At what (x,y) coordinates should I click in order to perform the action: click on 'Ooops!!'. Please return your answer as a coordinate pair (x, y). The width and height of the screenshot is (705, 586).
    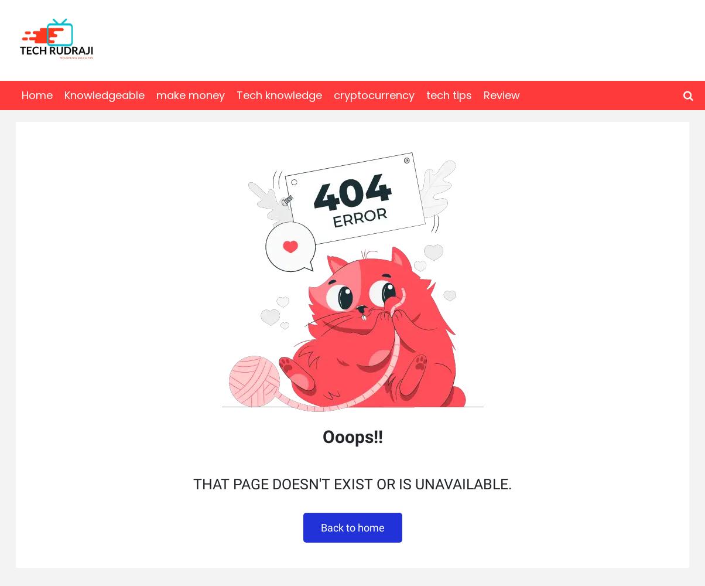
    Looking at the image, I should click on (352, 436).